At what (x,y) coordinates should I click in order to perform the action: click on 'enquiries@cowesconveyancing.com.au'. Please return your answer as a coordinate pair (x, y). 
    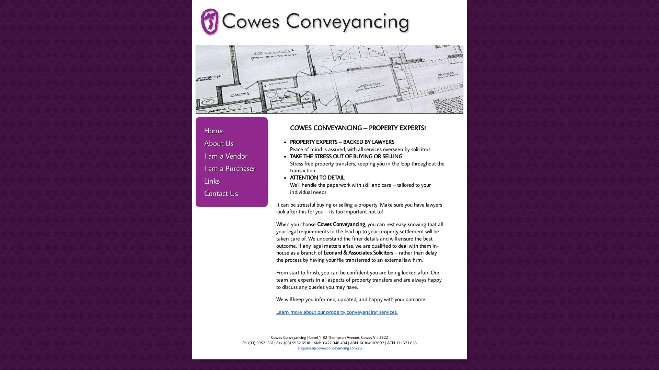
    Looking at the image, I should click on (329, 348).